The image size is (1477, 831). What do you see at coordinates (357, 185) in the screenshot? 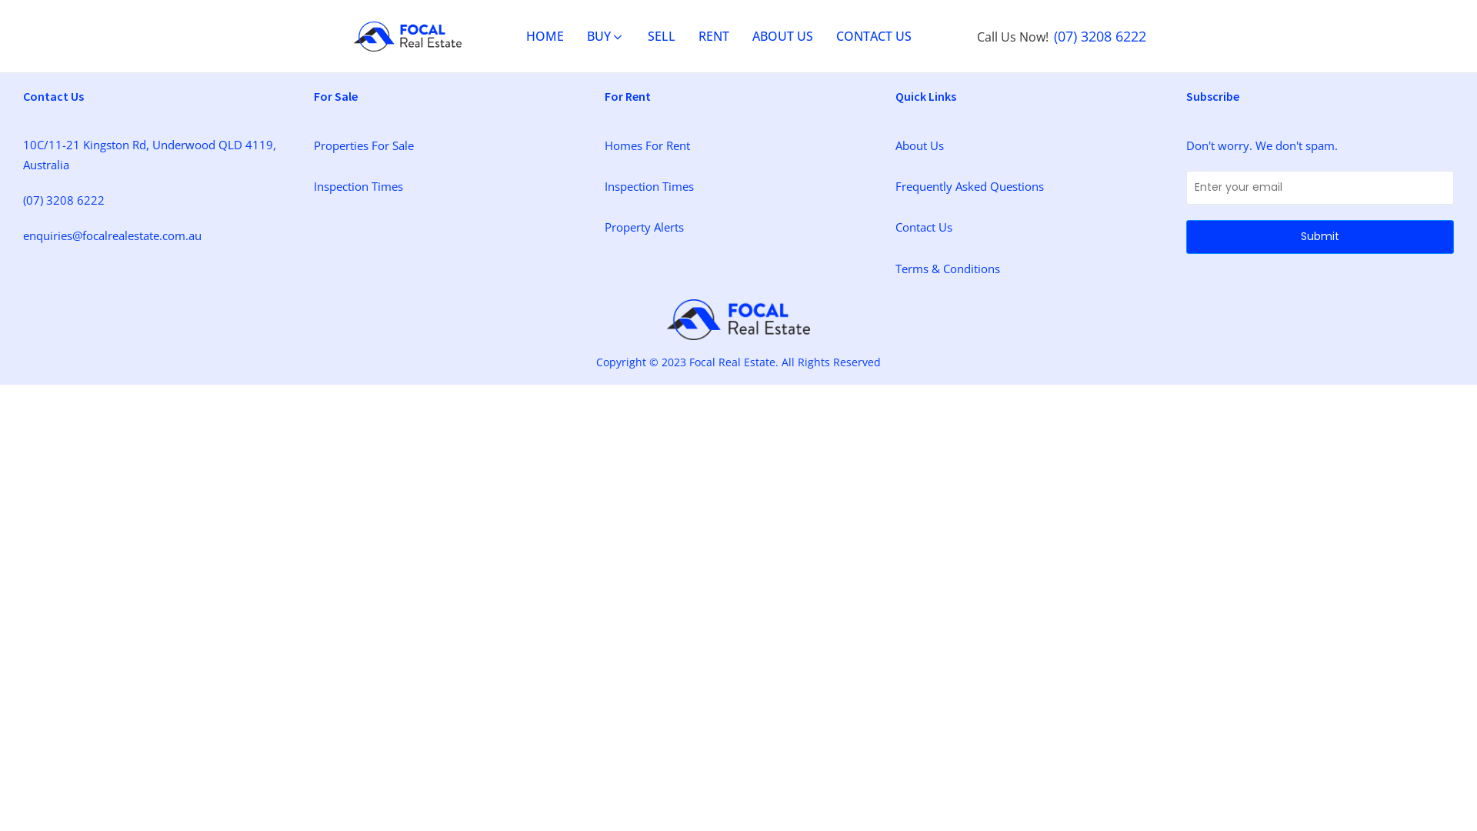
I see `'Inspection Times'` at bounding box center [357, 185].